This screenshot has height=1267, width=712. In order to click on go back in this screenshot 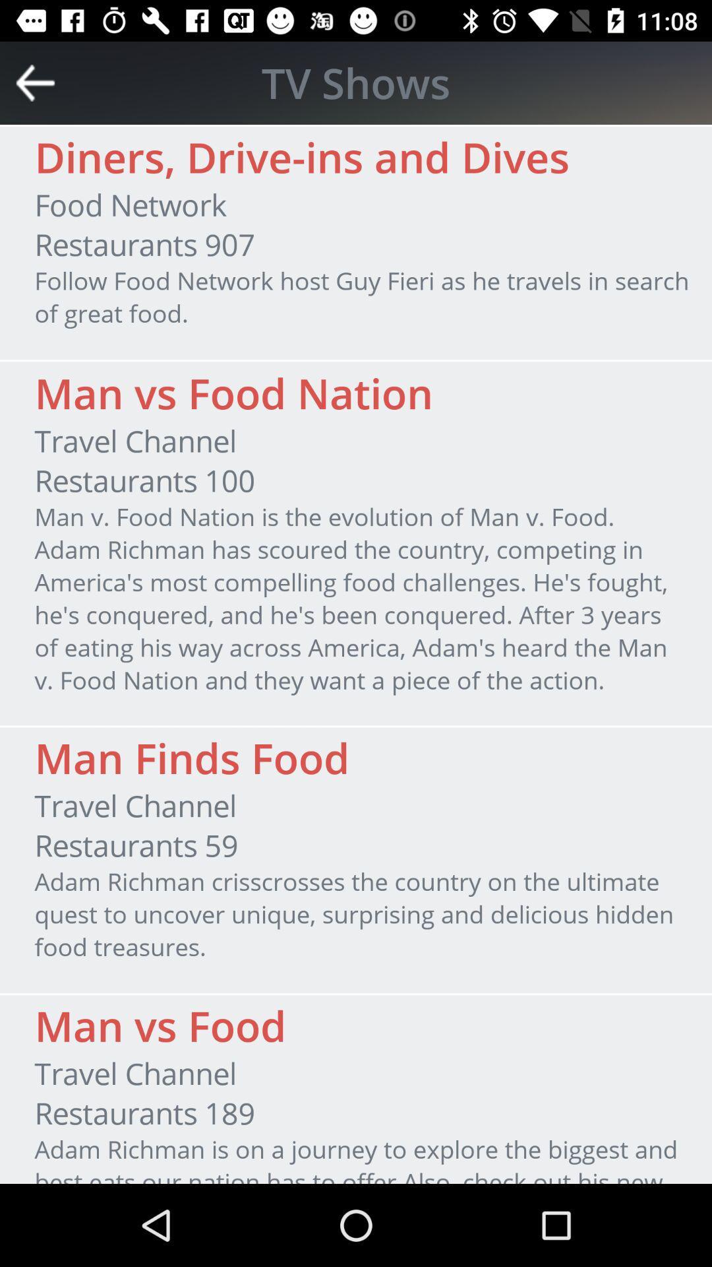, I will do `click(35, 82)`.